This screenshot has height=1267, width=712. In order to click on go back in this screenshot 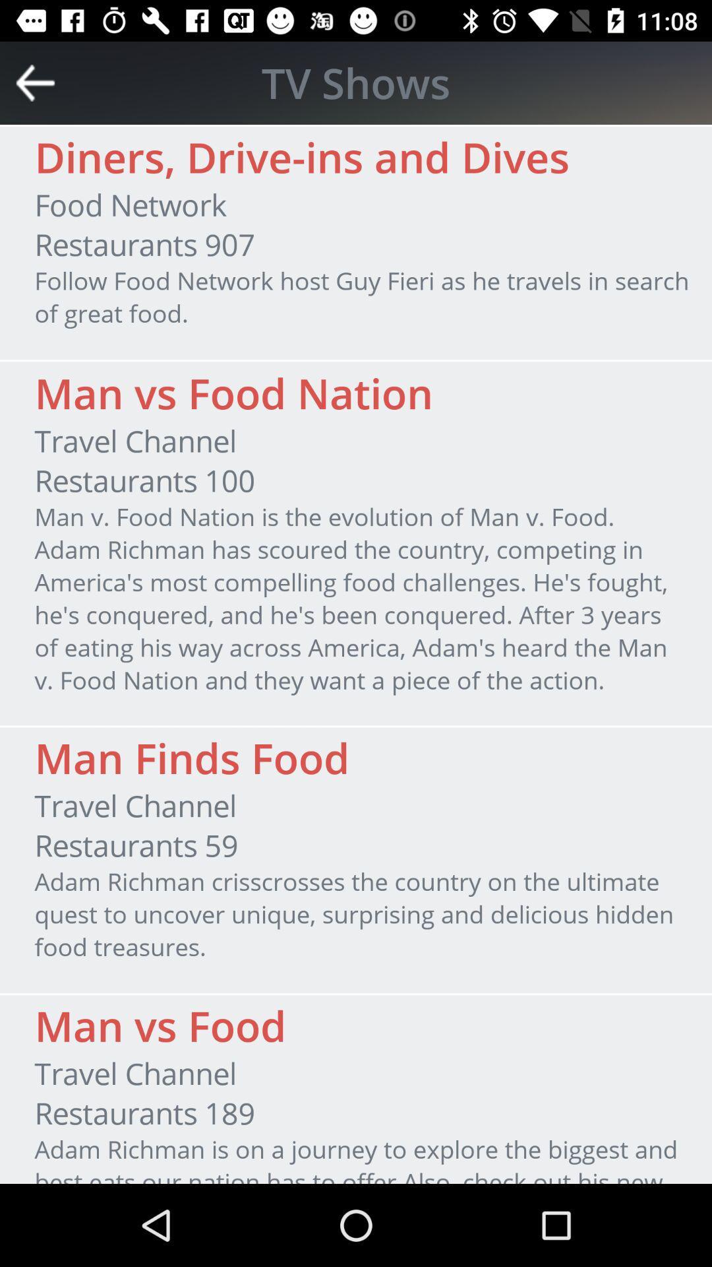, I will do `click(35, 82)`.